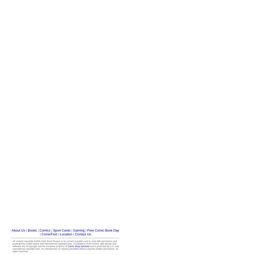  What do you see at coordinates (39, 230) in the screenshot?
I see `'Comics'` at bounding box center [39, 230].